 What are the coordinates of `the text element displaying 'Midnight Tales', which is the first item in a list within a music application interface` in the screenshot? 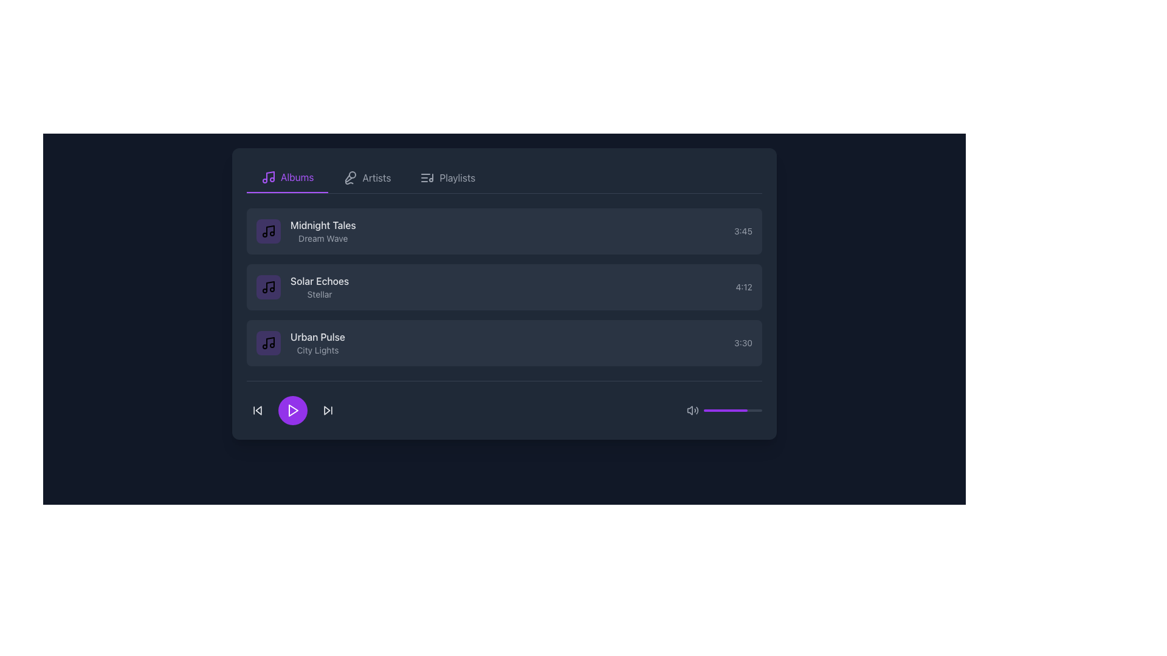 It's located at (323, 225).